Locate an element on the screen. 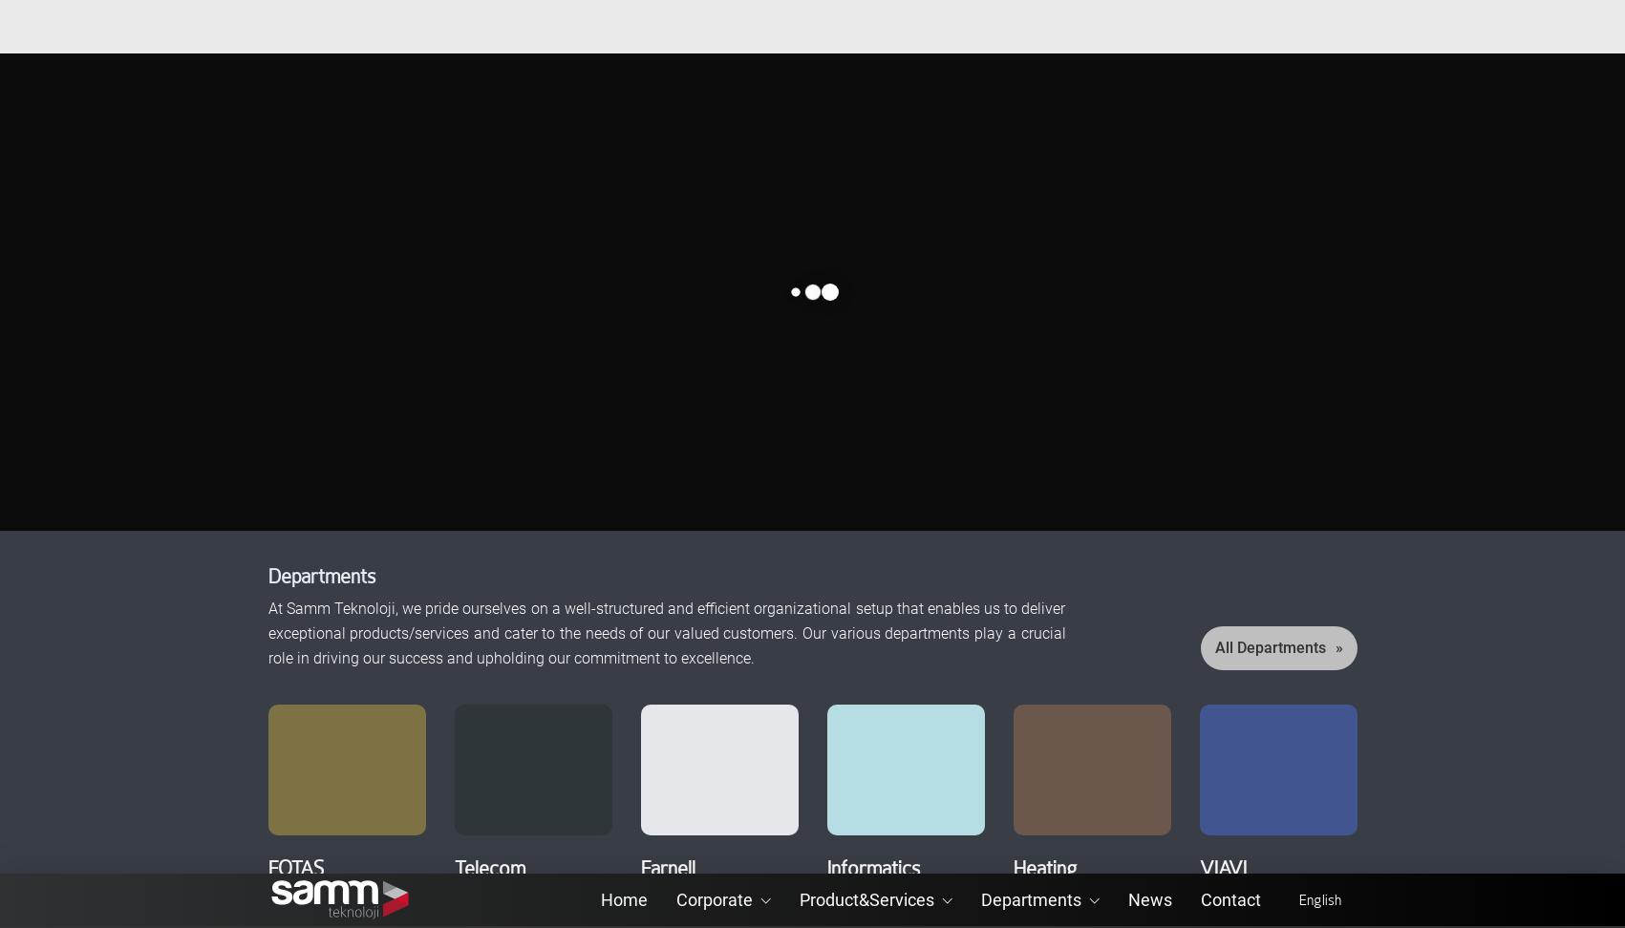 The image size is (1625, 928). 'Though our impact is felt worldwide, we maintain a personalized approach to cater to your unique requirements, providing dedicated support at every step.' is located at coordinates (1154, 746).